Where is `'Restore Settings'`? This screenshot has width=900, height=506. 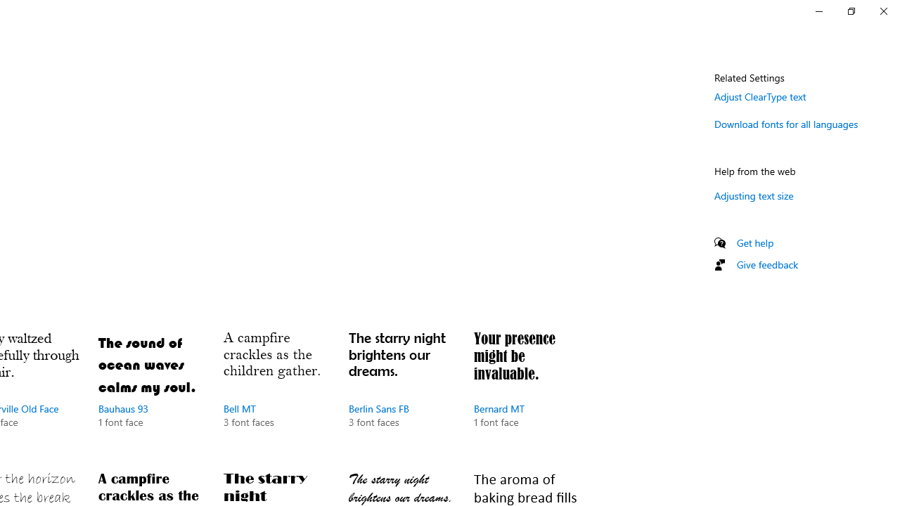
'Restore Settings' is located at coordinates (850, 11).